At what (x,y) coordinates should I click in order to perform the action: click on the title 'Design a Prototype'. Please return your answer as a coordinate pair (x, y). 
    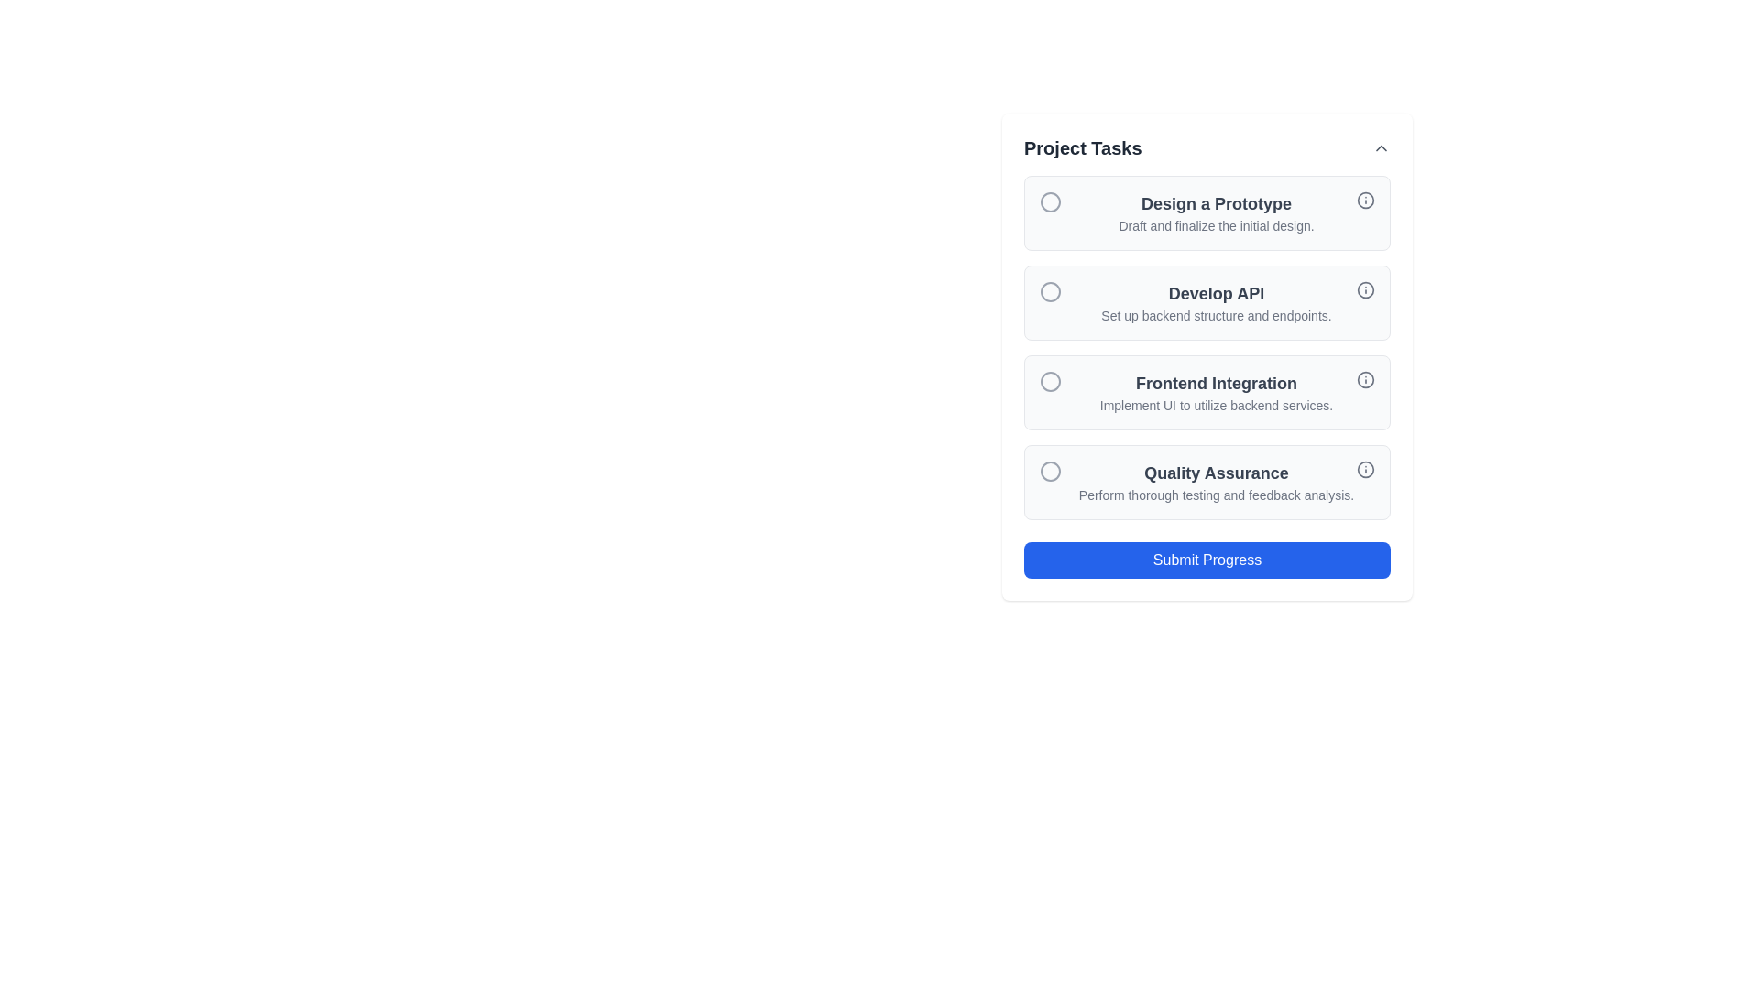
    Looking at the image, I should click on (1207, 212).